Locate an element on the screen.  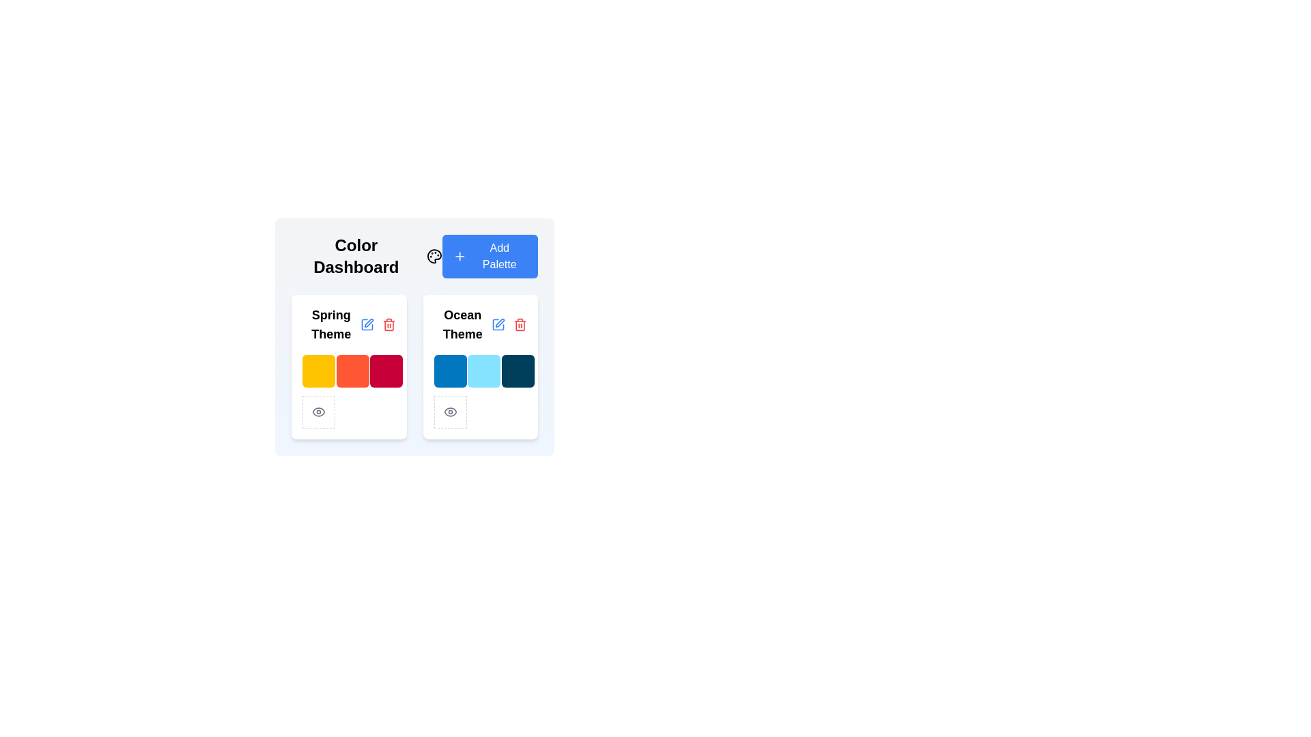
the second color swatch in the 'Ocean Theme' palette, located within the 'Color Dashboard' interface is located at coordinates (484, 371).